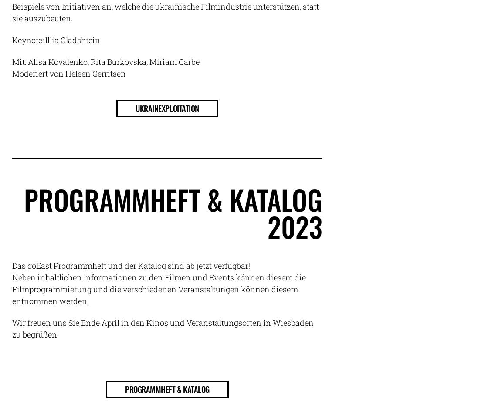  I want to click on 'Keynote: Illia Gladshtein', so click(56, 40).